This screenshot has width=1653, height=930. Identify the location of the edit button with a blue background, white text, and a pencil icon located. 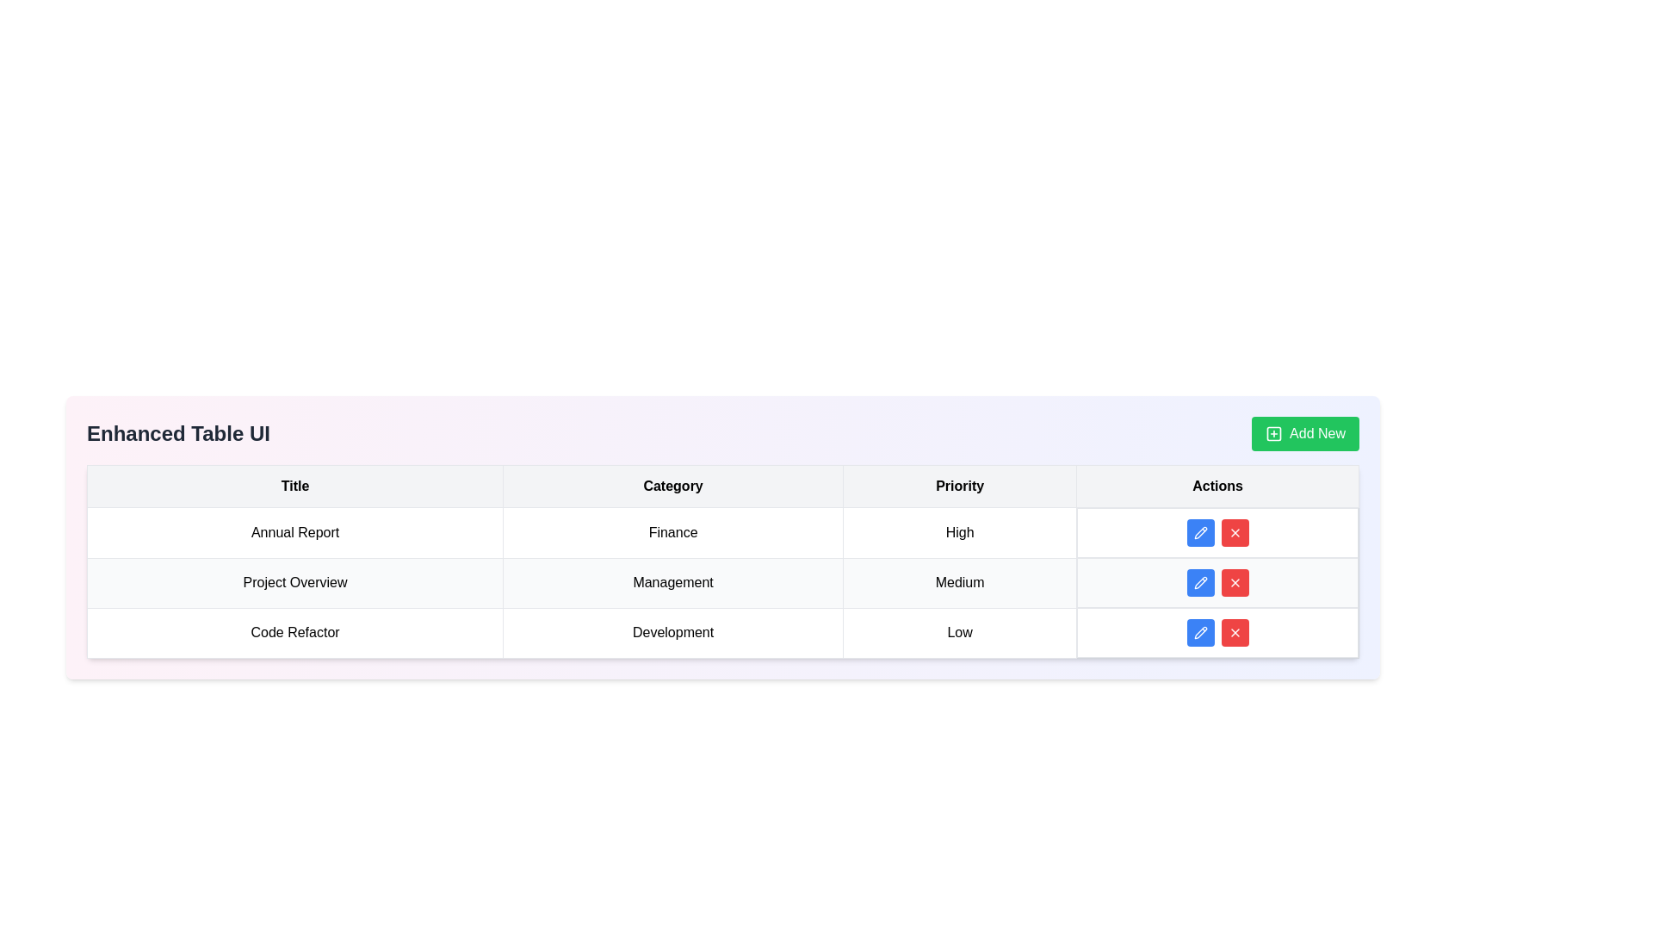
(1199, 582).